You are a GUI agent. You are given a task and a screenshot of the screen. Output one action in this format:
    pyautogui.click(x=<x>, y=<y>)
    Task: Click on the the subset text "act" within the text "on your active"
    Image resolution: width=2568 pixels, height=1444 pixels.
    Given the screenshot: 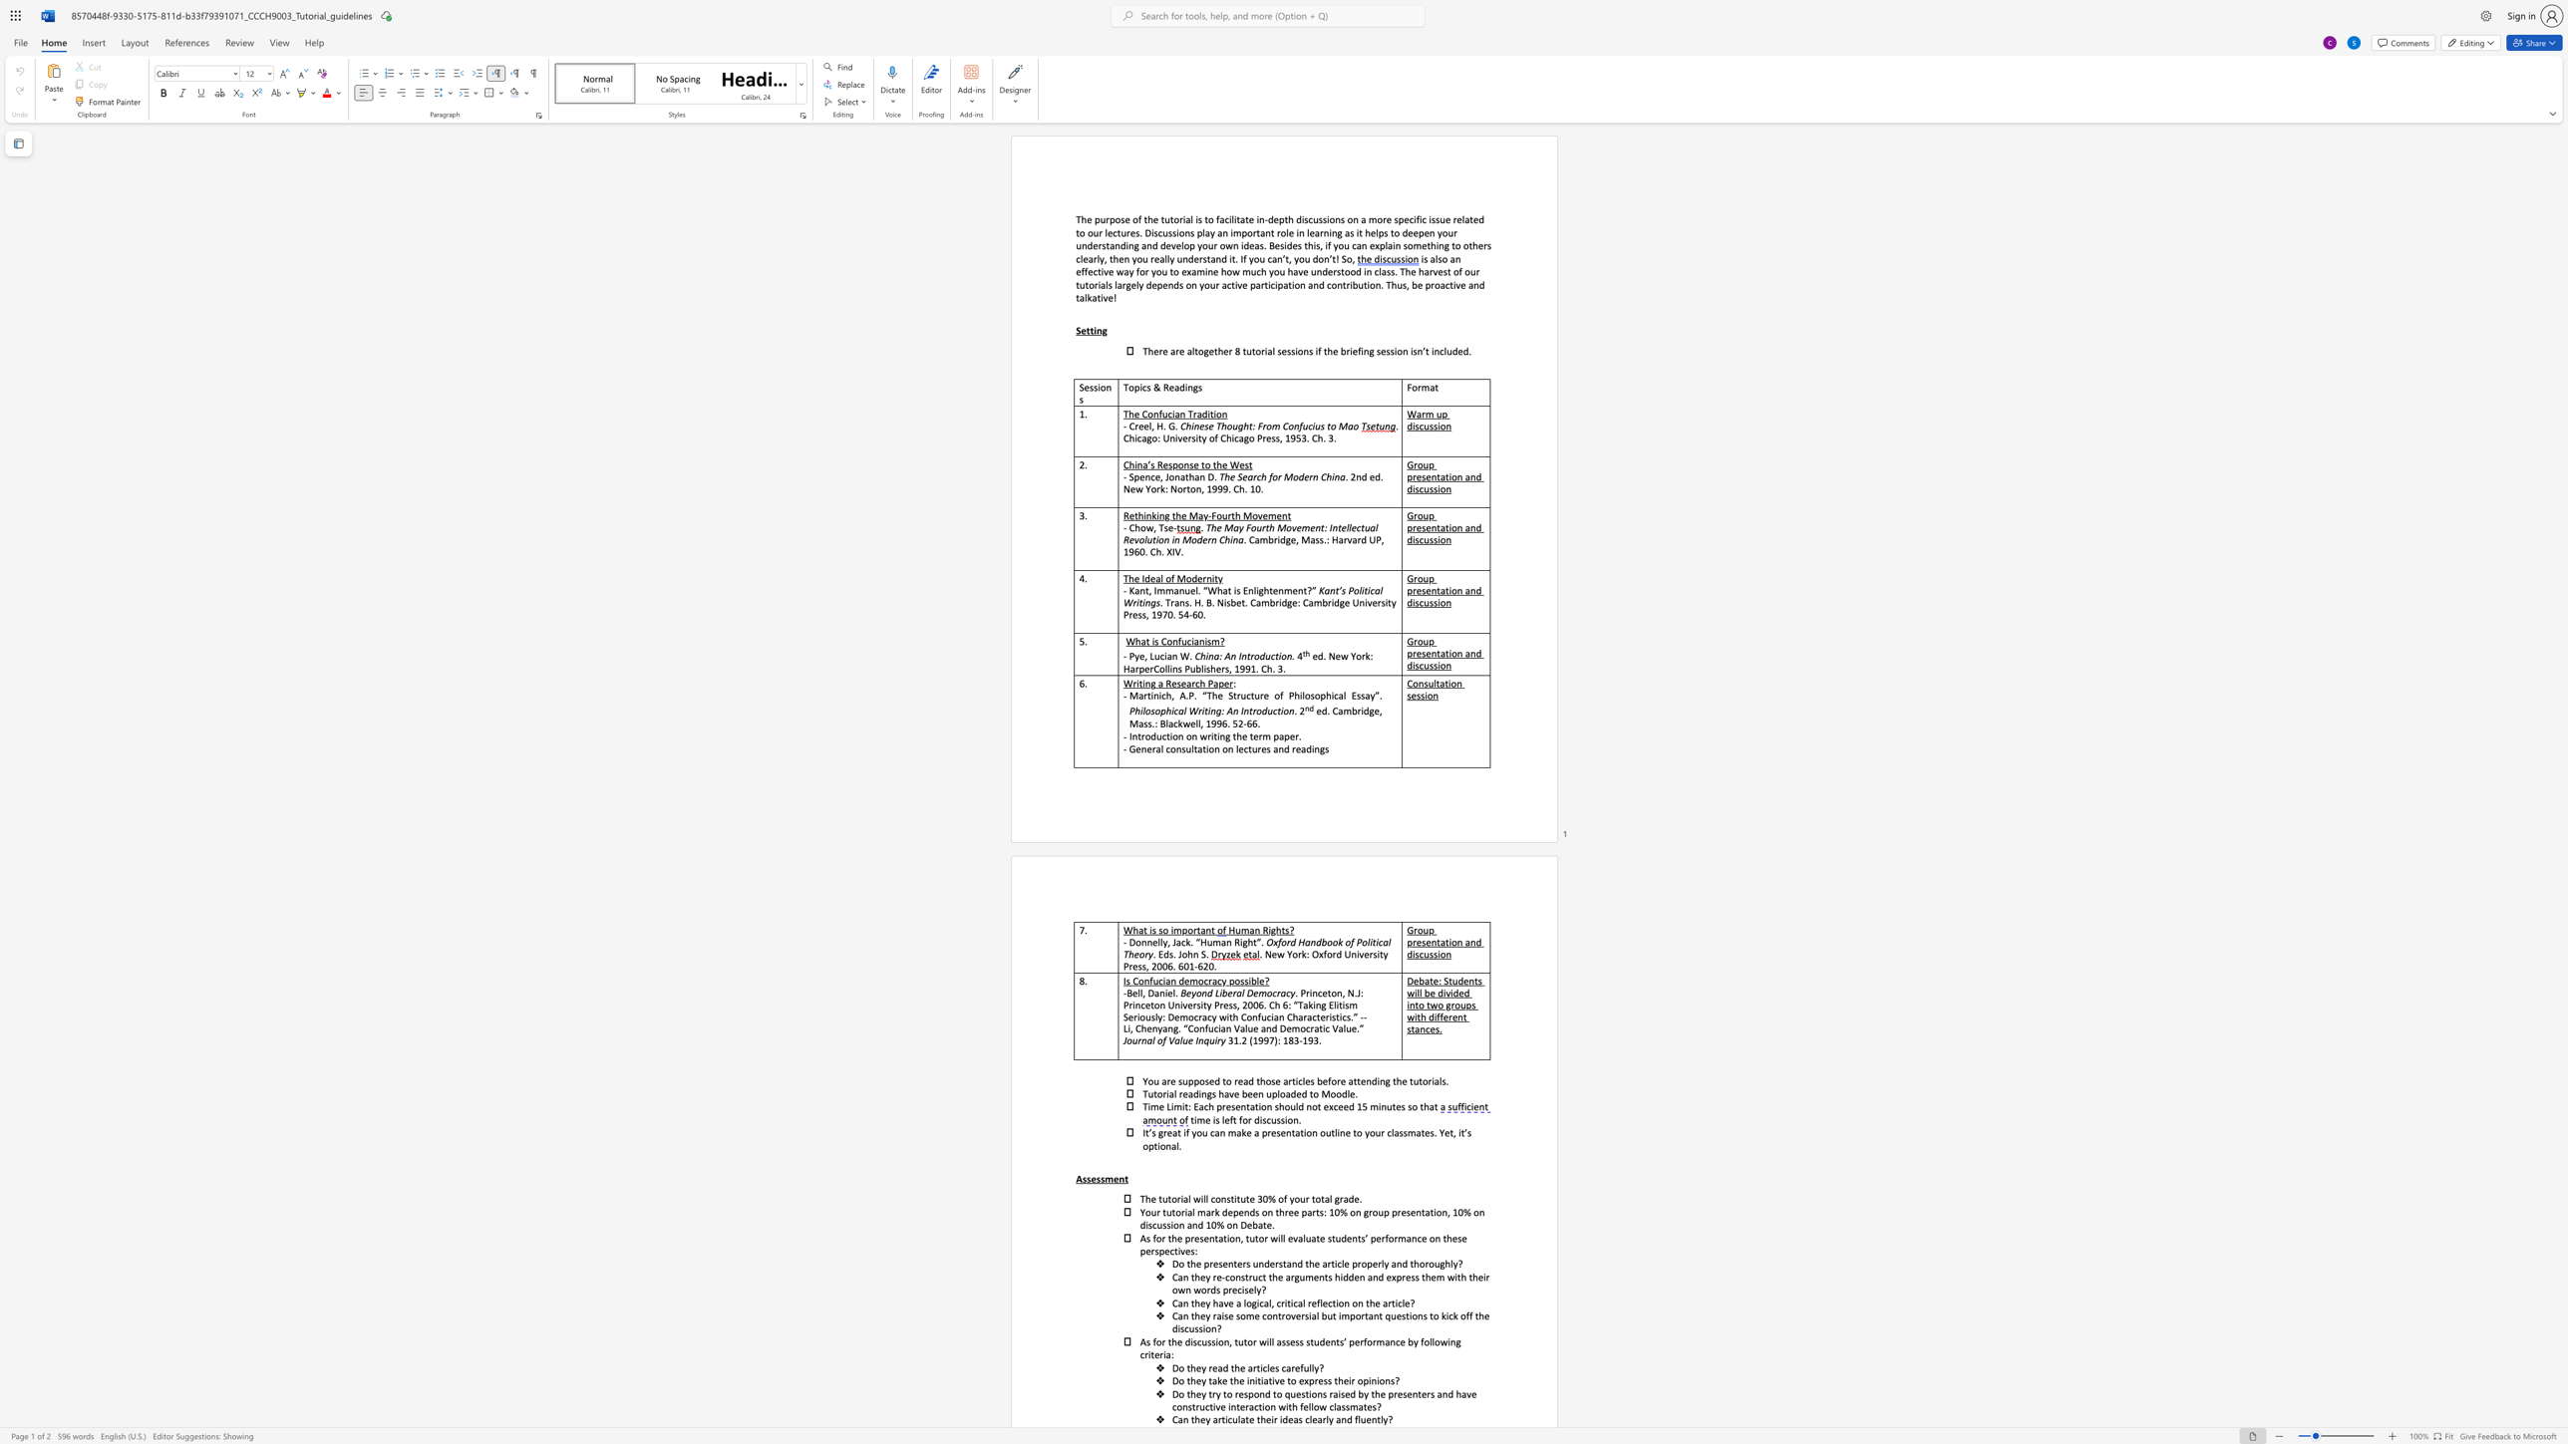 What is the action you would take?
    pyautogui.click(x=1222, y=283)
    